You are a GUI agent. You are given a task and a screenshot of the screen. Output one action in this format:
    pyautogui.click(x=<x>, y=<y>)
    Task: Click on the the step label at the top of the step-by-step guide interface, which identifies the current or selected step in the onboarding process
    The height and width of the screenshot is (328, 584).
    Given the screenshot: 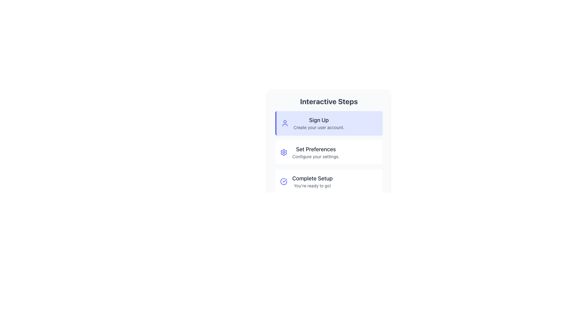 What is the action you would take?
    pyautogui.click(x=318, y=120)
    